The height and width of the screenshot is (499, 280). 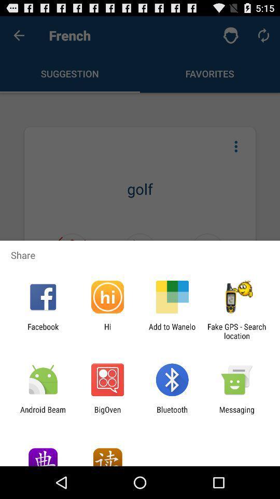 I want to click on android beam item, so click(x=43, y=414).